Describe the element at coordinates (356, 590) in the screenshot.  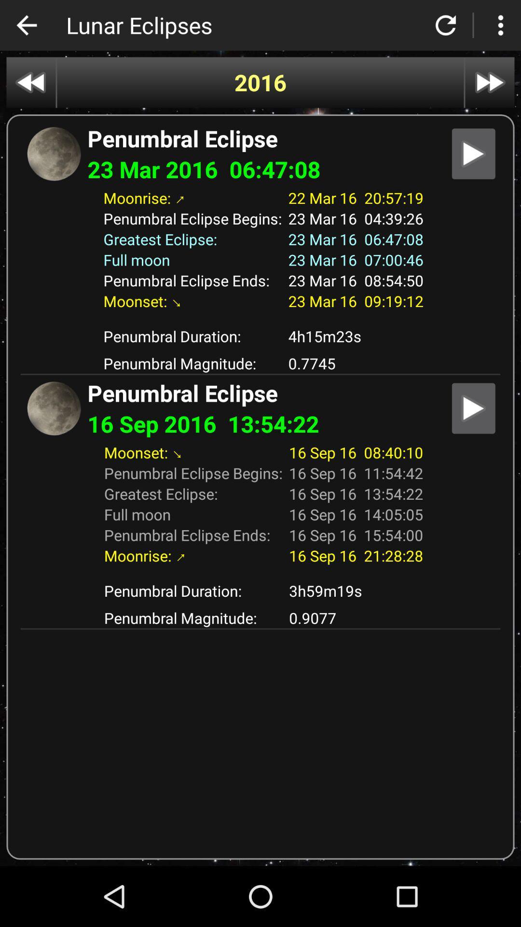
I see `the icon next to penumbral duration: app` at that location.